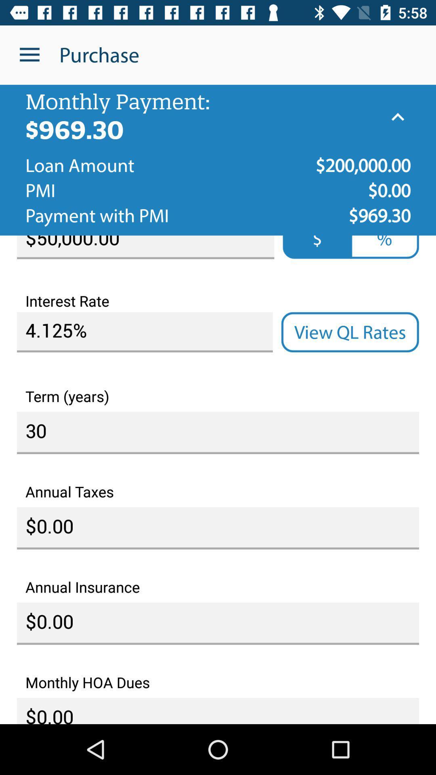  I want to click on 4.125% icon, so click(144, 332).